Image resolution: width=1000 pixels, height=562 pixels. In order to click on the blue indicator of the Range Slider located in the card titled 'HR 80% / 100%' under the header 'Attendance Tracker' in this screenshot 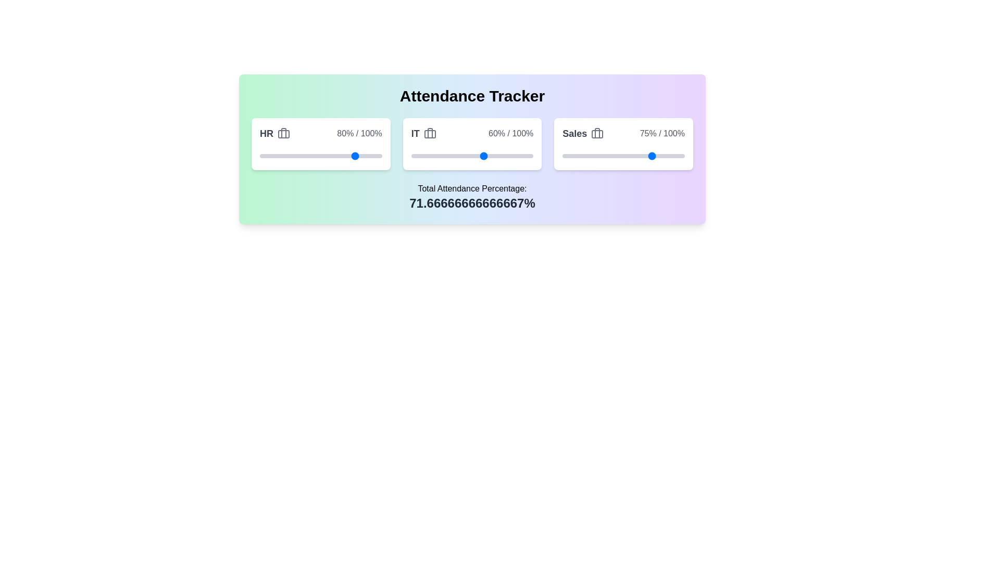, I will do `click(320, 156)`.